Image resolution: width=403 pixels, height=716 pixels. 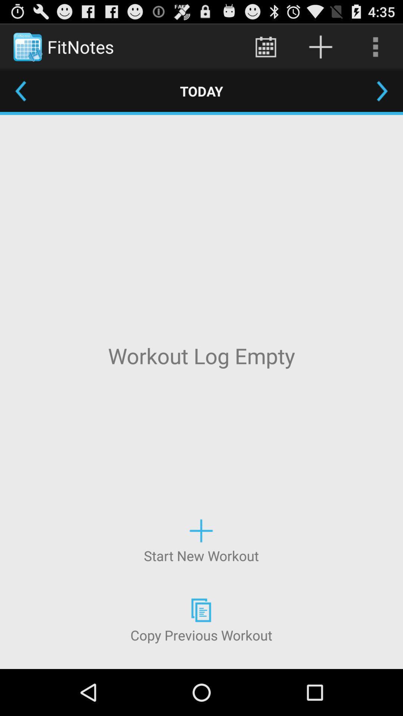 I want to click on today item, so click(x=201, y=91).